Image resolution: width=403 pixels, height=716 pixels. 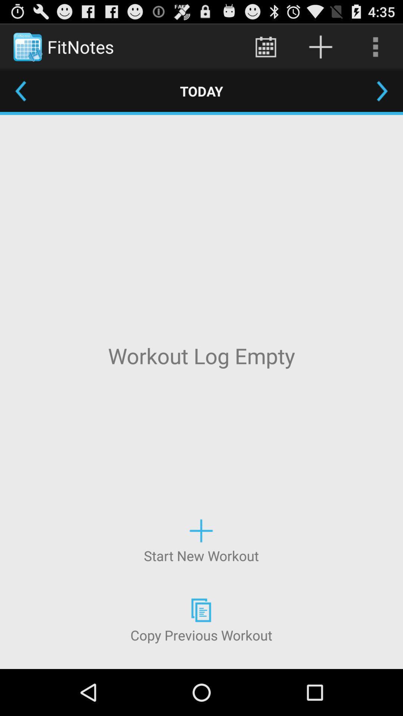 I want to click on today item, so click(x=201, y=91).